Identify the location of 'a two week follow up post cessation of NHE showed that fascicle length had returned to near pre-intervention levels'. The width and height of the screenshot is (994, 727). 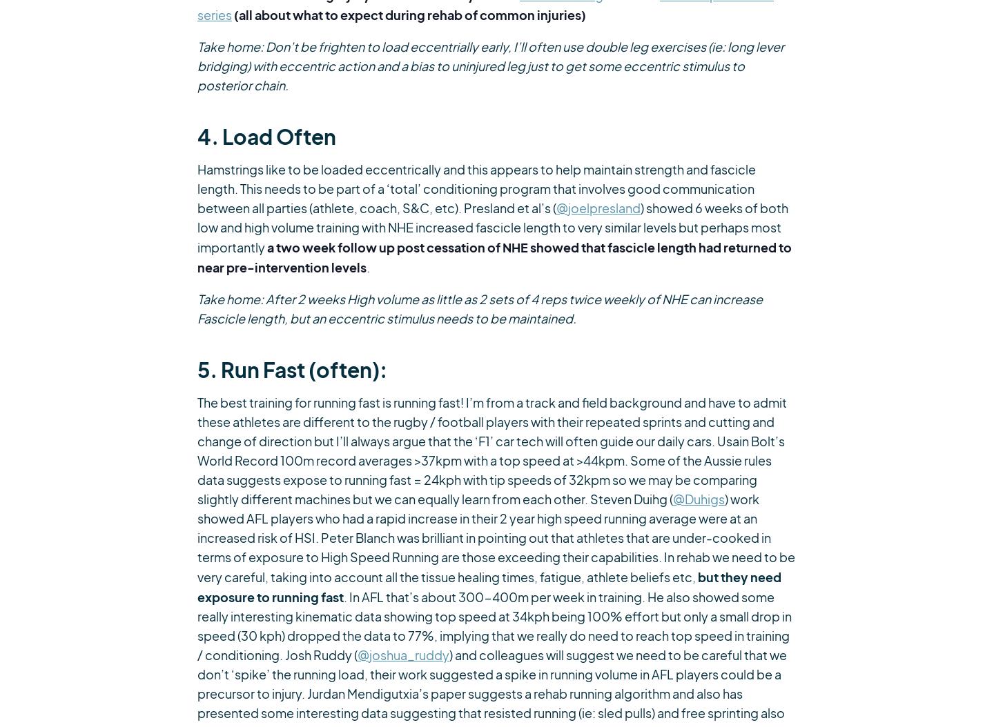
(196, 255).